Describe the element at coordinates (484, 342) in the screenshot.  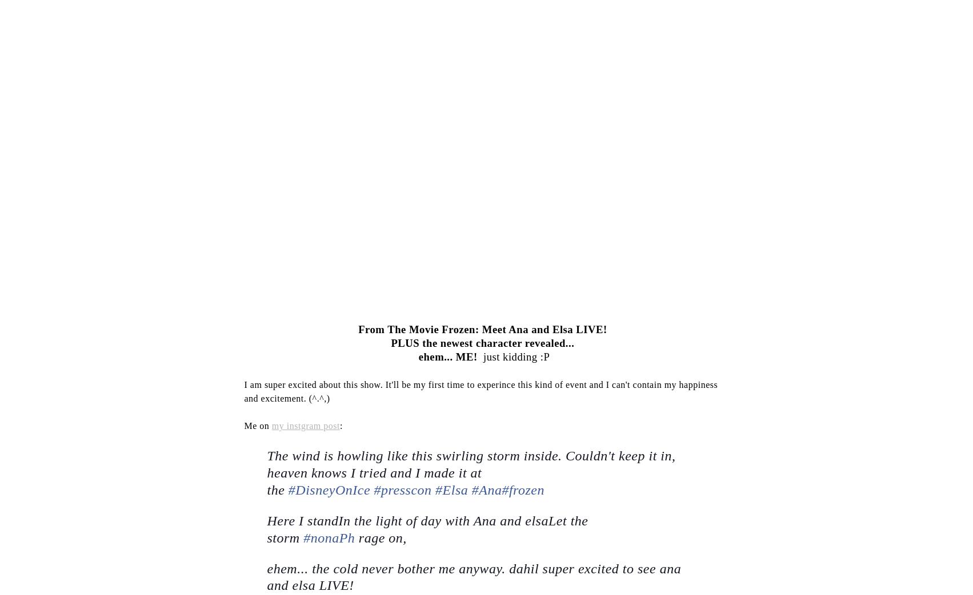
I see `'PLUS the newest character revealed...'` at that location.